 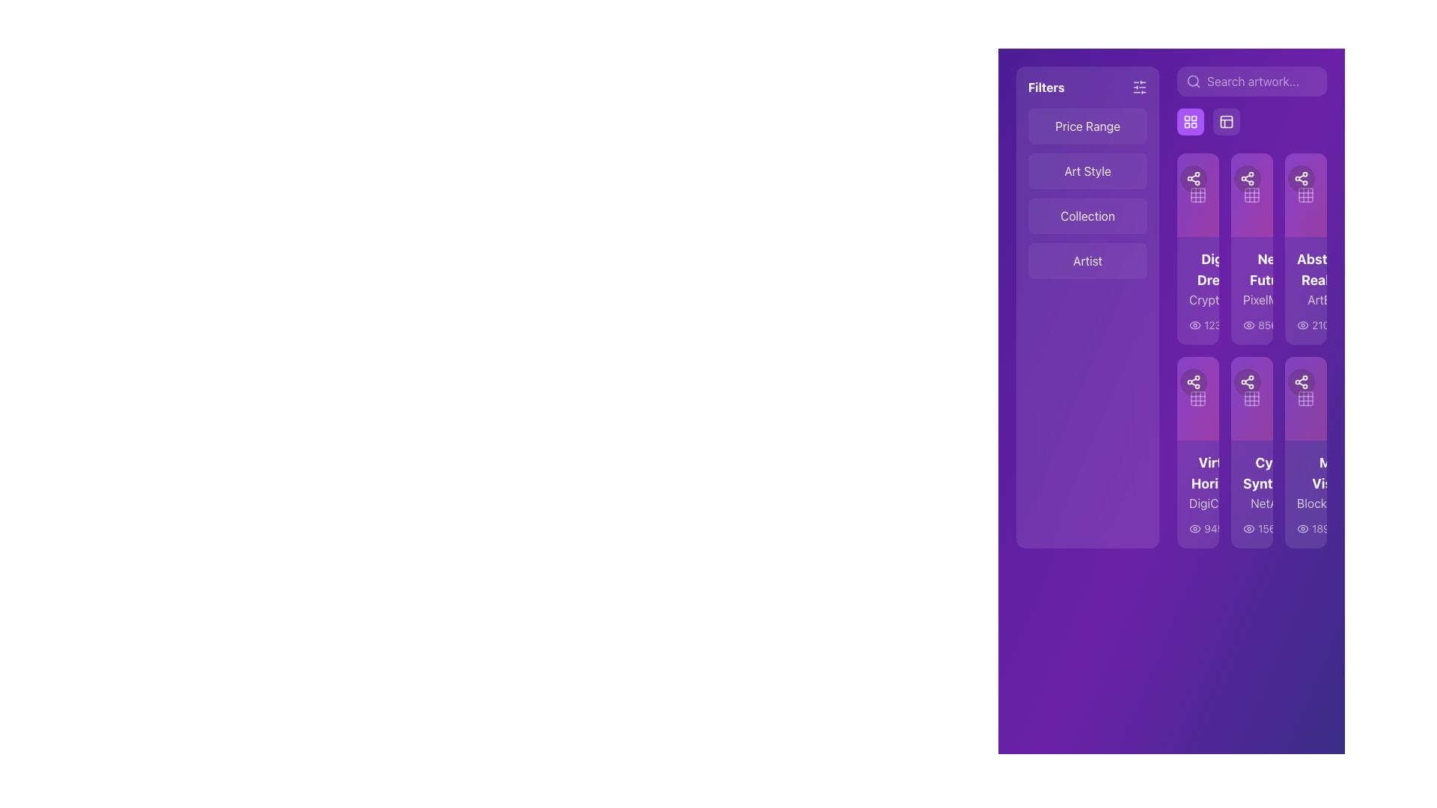 I want to click on the eye icon displaying the view count '2100156' located at the bottom-right section of the card for 'Abstract Realms', so click(x=1305, y=325).